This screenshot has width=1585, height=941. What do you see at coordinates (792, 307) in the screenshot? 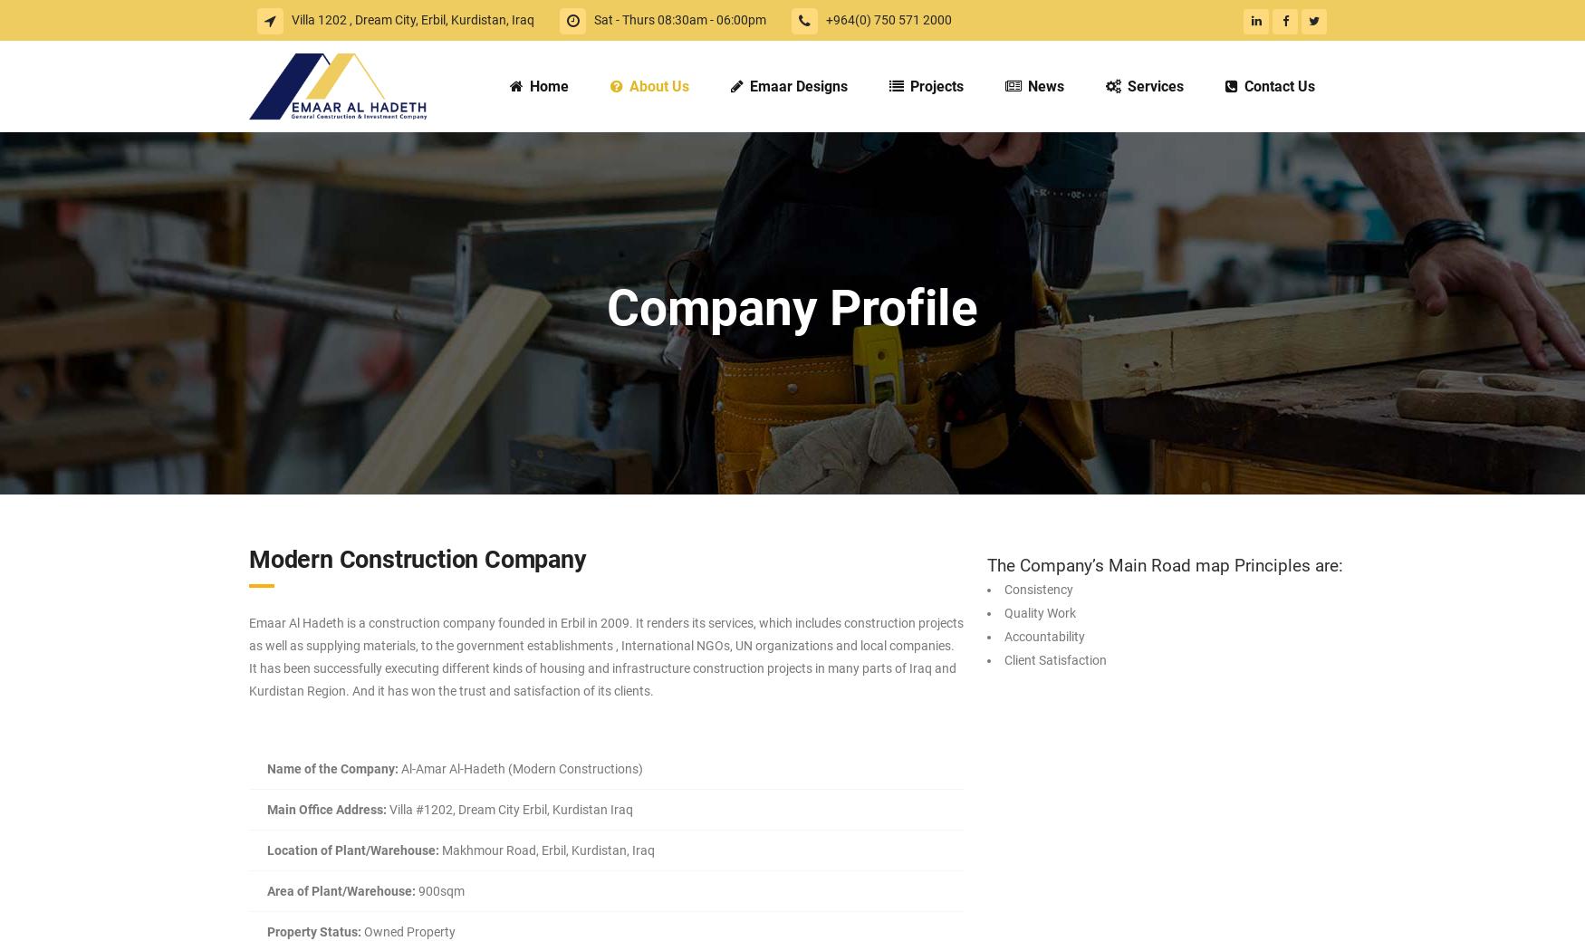
I see `'Company Profile'` at bounding box center [792, 307].